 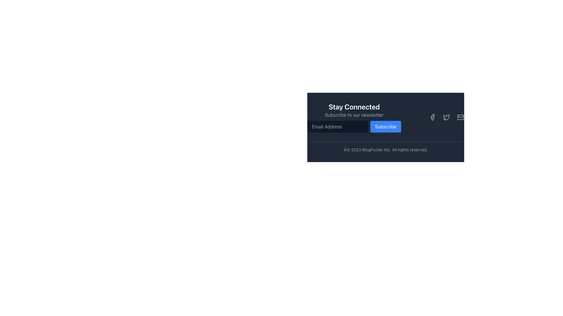 What do you see at coordinates (386, 150) in the screenshot?
I see `static text displaying 'Â© 2023 BlogFooter Inc. All rights reserved.' located at the bottom of the interface, centered horizontally` at bounding box center [386, 150].